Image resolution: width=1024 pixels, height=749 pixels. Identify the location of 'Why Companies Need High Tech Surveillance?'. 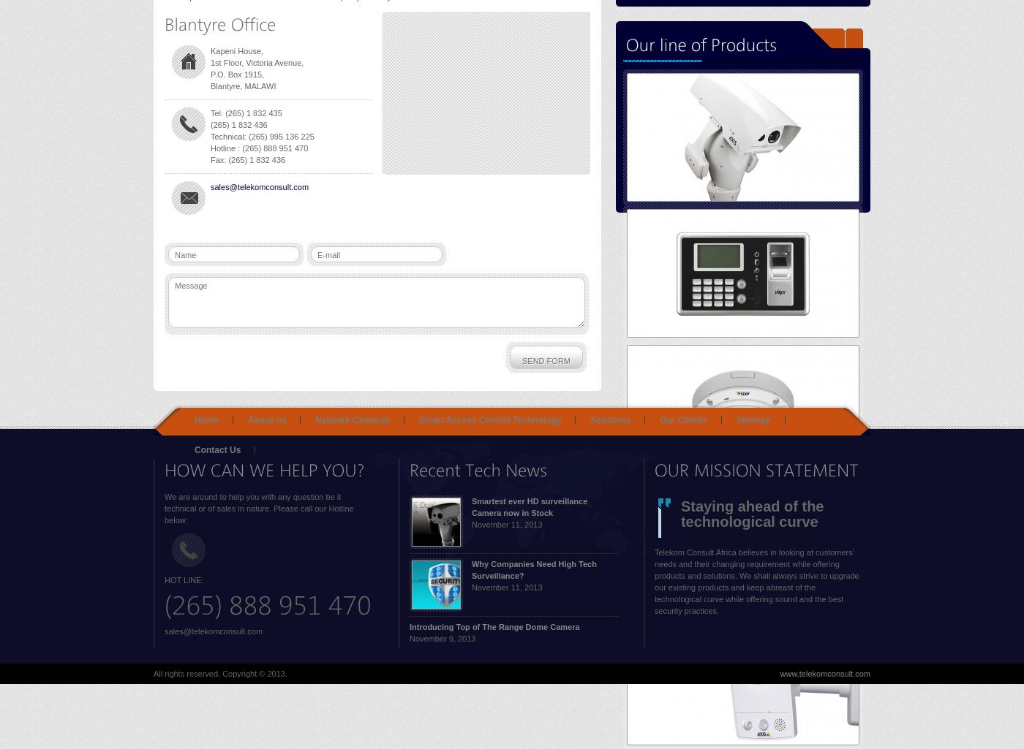
(533, 570).